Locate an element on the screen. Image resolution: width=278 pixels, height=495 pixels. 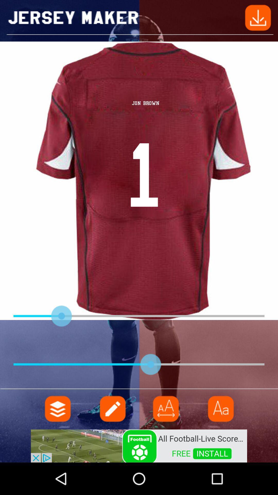
downloading button is located at coordinates (258, 17).